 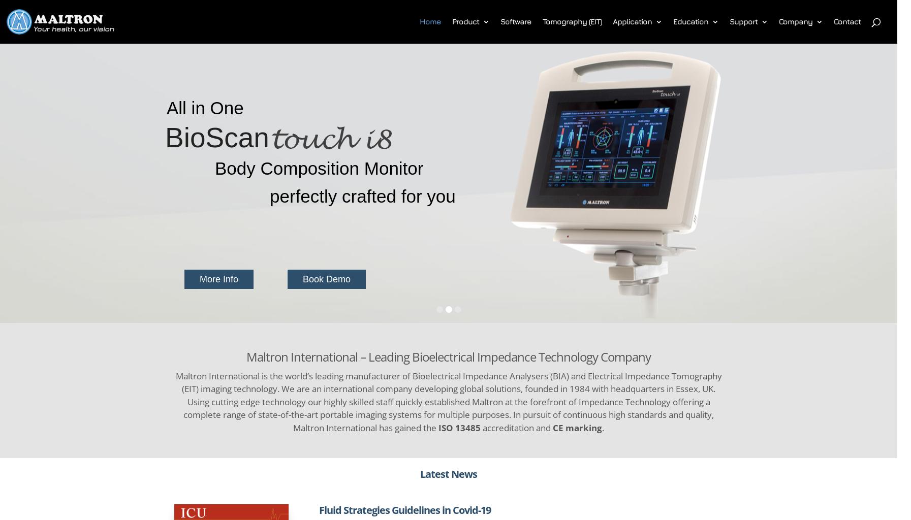 What do you see at coordinates (662, 126) in the screenshot?
I see `'Military Personal'` at bounding box center [662, 126].